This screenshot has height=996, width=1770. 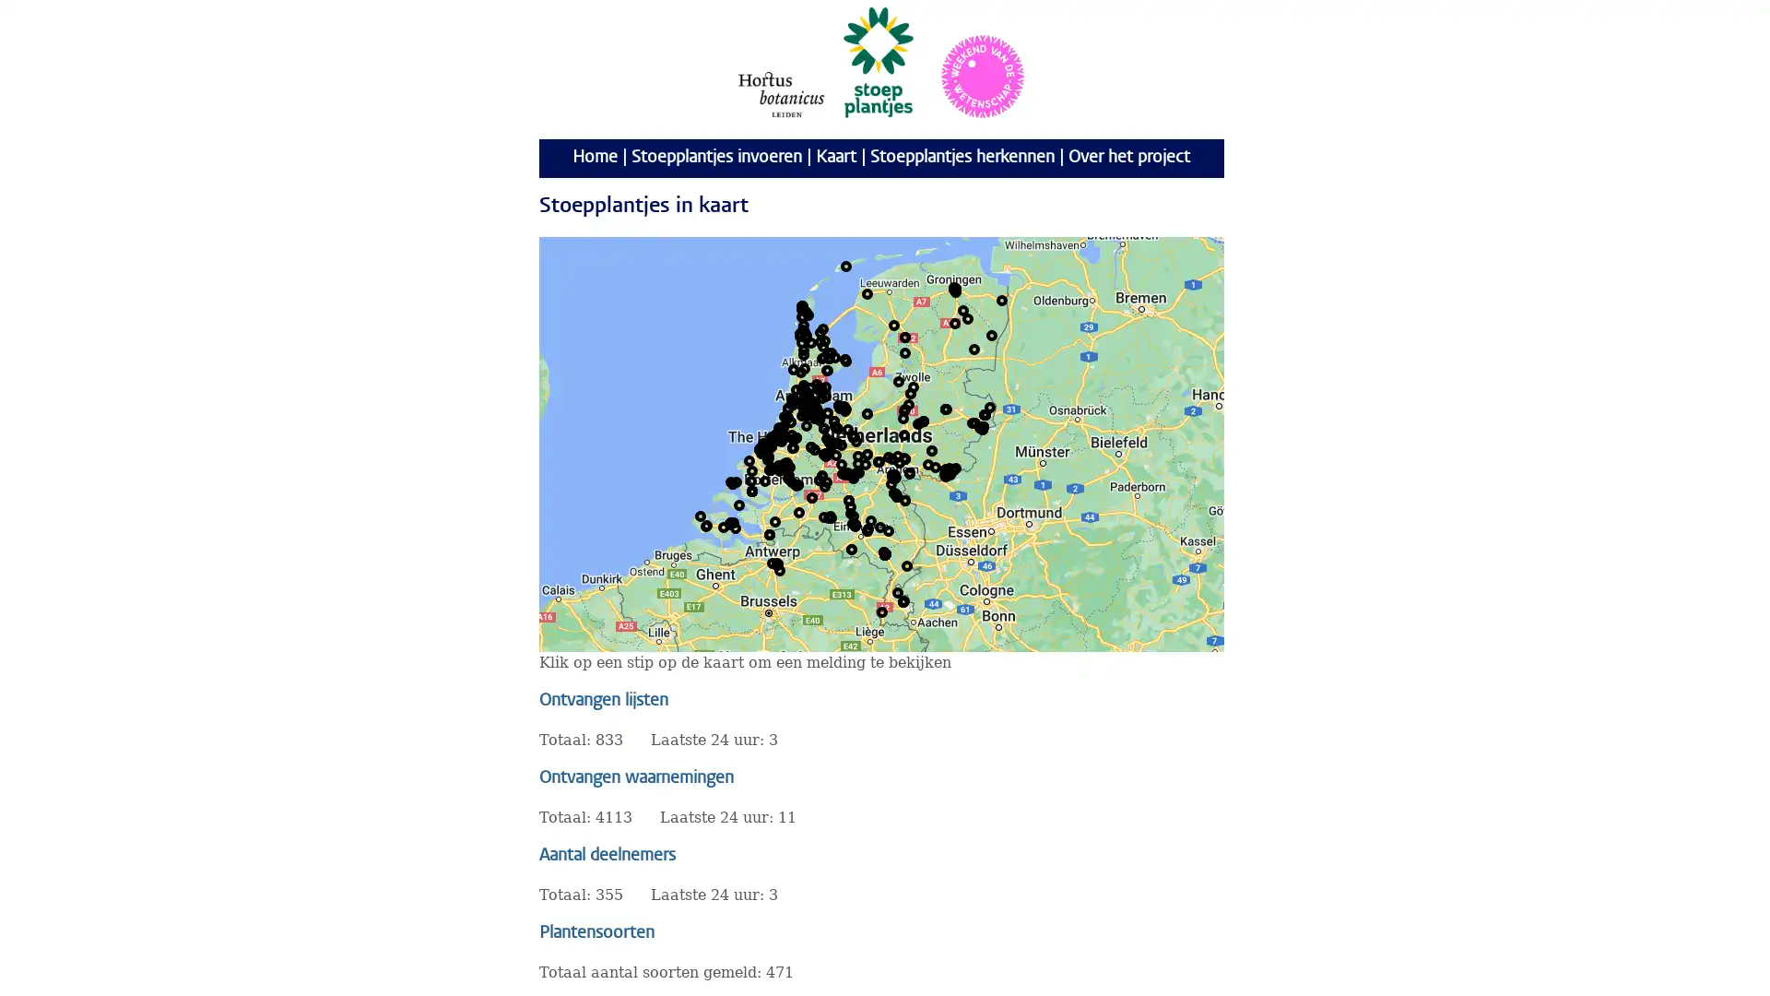 What do you see at coordinates (885, 553) in the screenshot?
I see `Telling van Ton Frenken op 24 mei 2022` at bounding box center [885, 553].